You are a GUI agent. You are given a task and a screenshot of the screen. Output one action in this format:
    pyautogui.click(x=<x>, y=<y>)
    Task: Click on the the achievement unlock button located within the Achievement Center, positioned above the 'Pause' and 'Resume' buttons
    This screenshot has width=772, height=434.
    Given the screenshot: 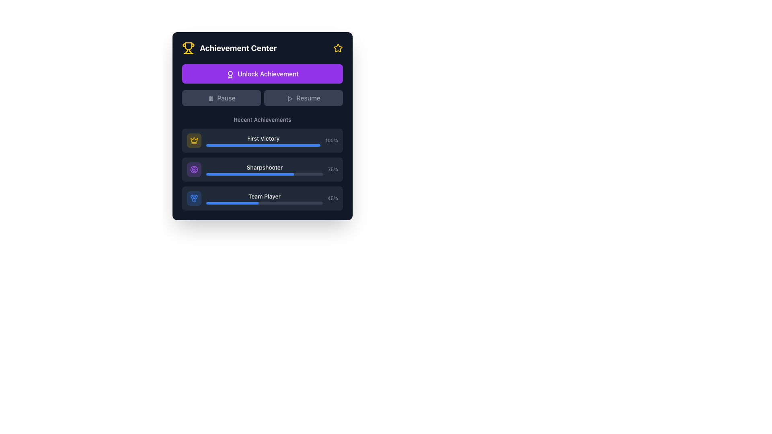 What is the action you would take?
    pyautogui.click(x=262, y=74)
    